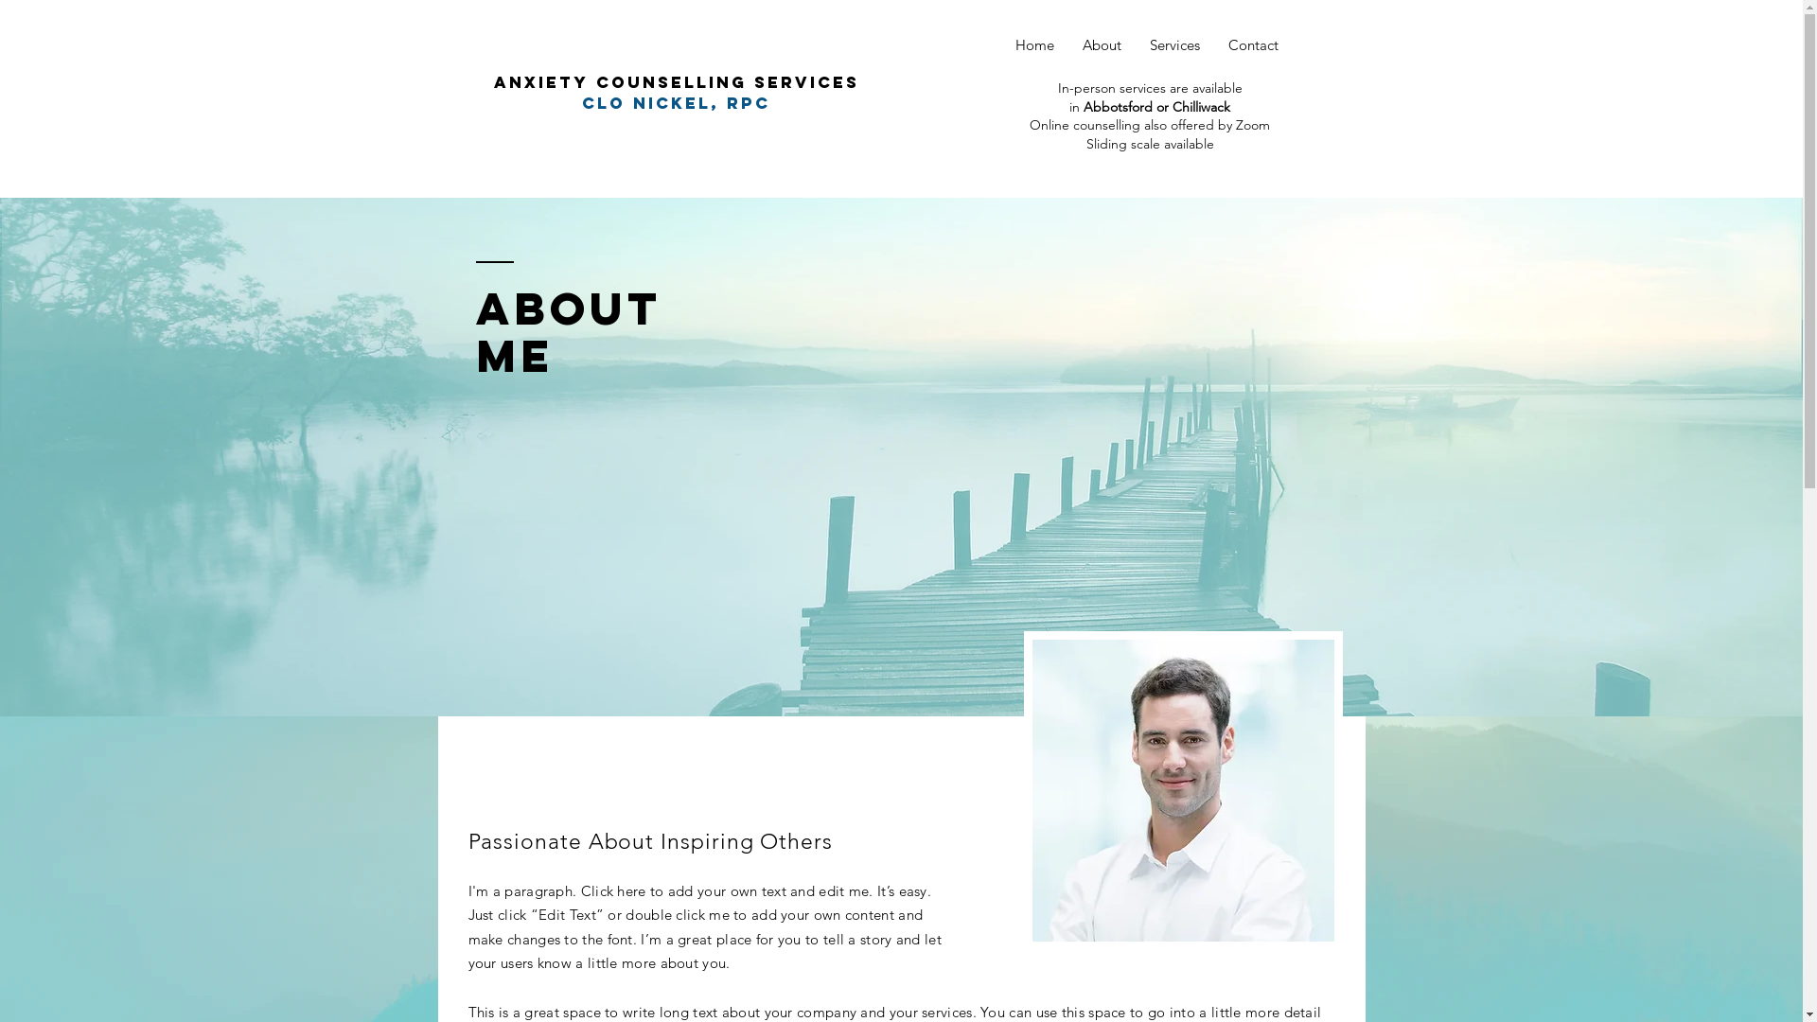 The width and height of the screenshot is (1817, 1022). I want to click on 'clo Nickel, rpc', so click(676, 102).